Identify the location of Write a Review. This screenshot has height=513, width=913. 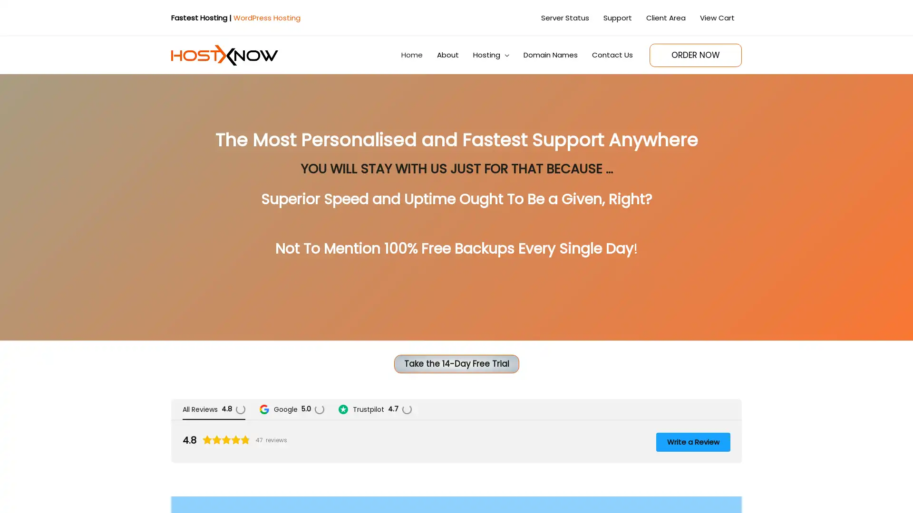
(693, 441).